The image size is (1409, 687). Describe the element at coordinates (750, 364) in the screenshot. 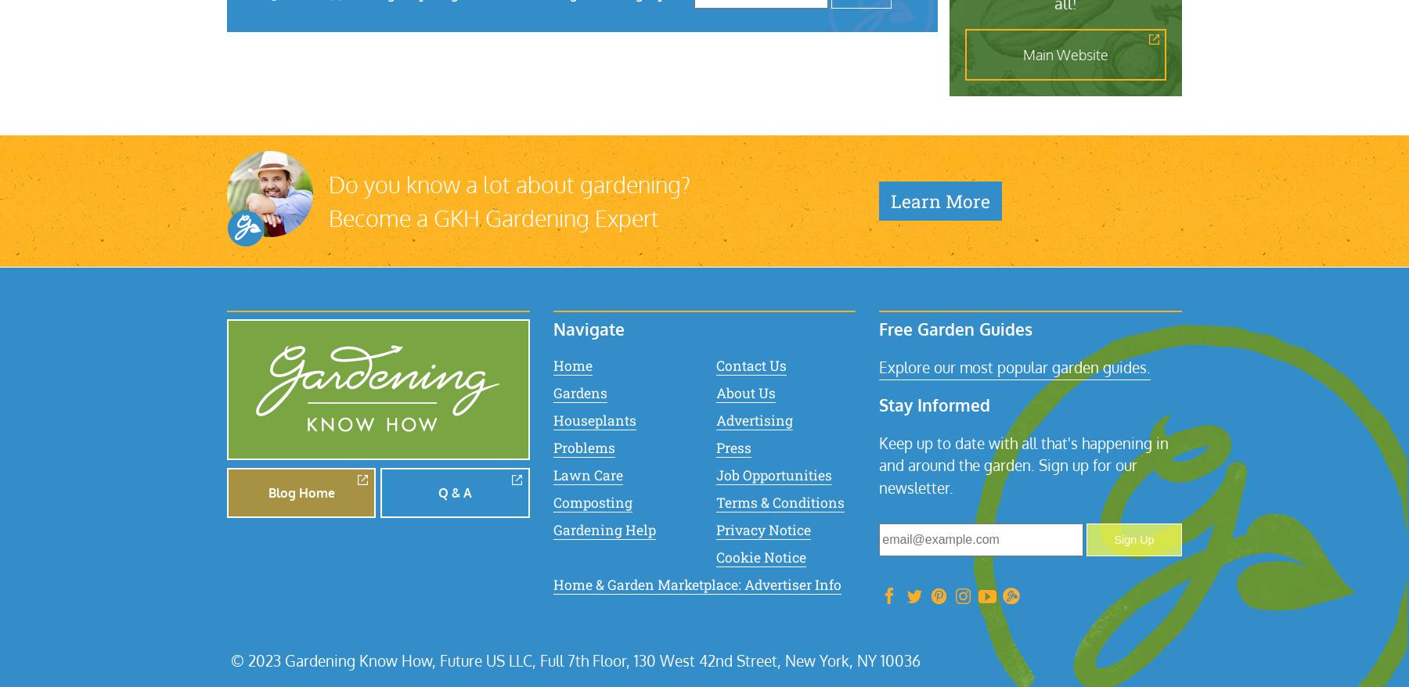

I see `'Contact Us'` at that location.